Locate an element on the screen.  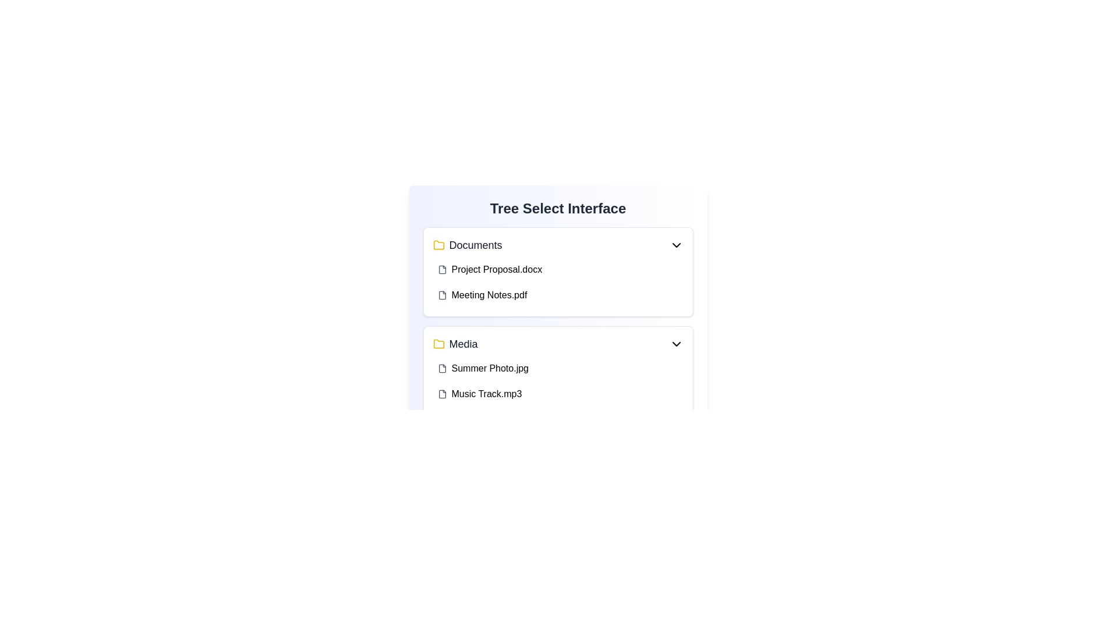
the Chevron-Down icon located on the far right side of the header next to the 'Documents' label is located at coordinates (676, 244).